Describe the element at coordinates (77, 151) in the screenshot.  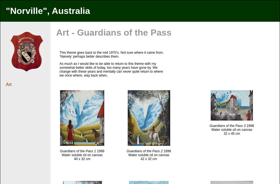
I see `'Guardians of the Pass 1'` at that location.